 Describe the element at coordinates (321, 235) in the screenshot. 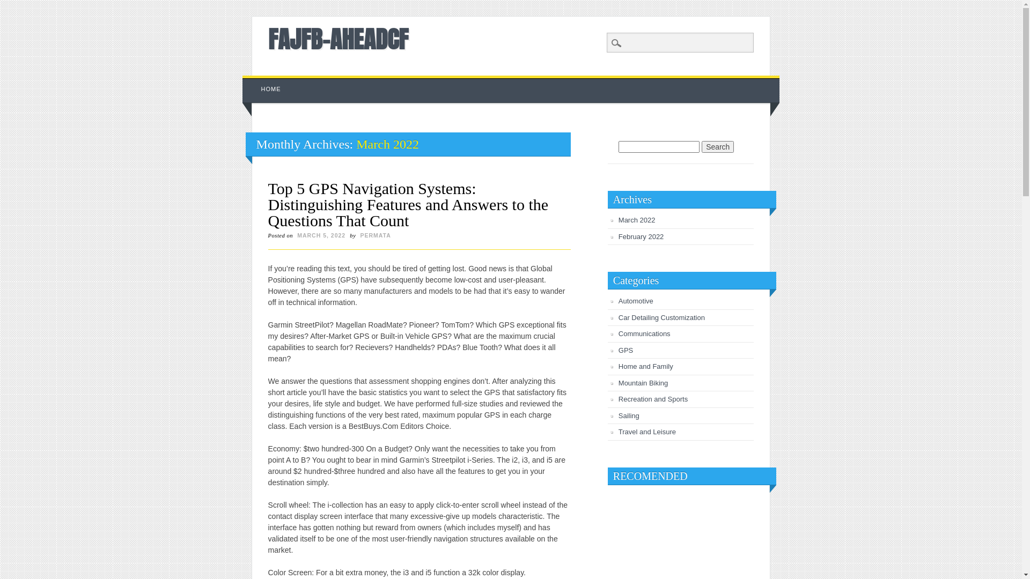

I see `'MARCH 5, 2022'` at that location.